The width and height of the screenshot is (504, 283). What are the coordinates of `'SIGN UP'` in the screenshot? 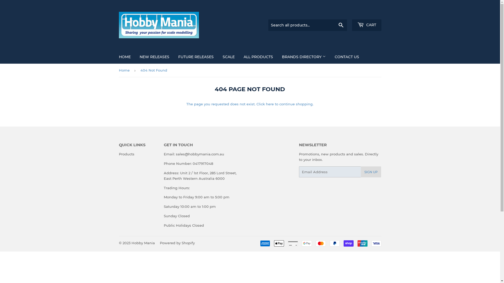 It's located at (371, 172).